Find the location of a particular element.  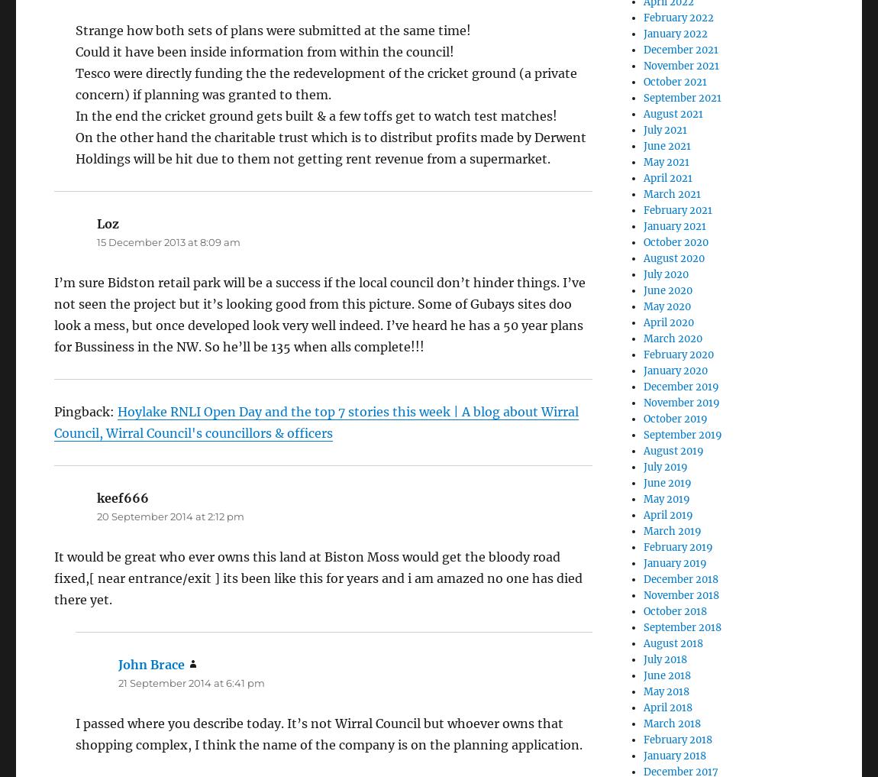

'August 2020' is located at coordinates (673, 258).